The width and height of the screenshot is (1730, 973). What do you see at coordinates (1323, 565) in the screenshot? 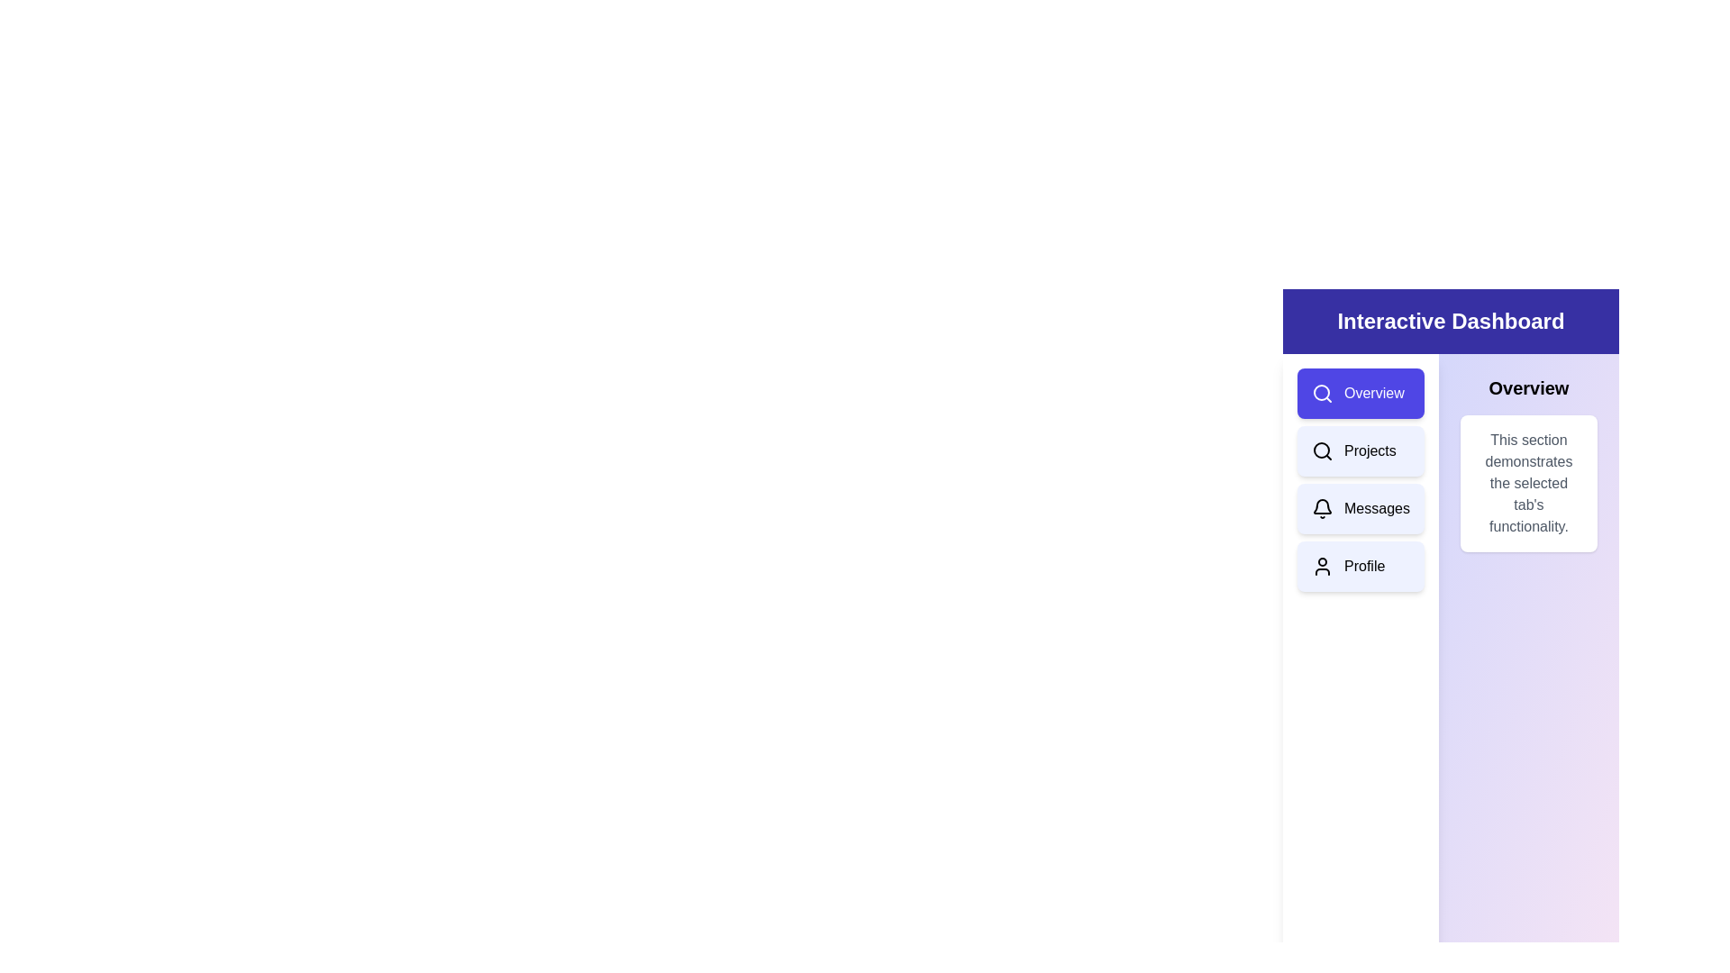
I see `the user profile icon located in the left sidebar of the interface` at bounding box center [1323, 565].